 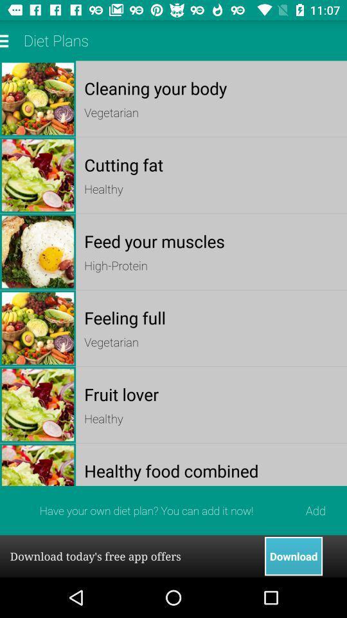 What do you see at coordinates (211, 317) in the screenshot?
I see `feeling full` at bounding box center [211, 317].